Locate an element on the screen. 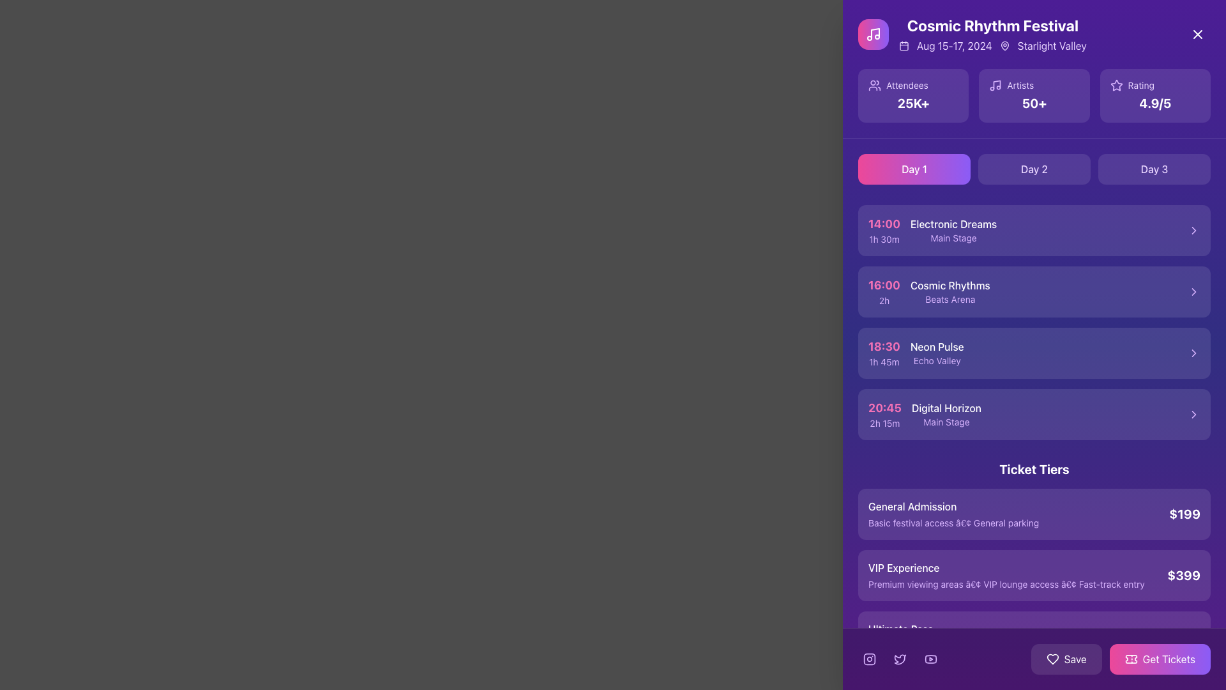  the third entry in the vertical list of event schedules is located at coordinates (1034, 353).